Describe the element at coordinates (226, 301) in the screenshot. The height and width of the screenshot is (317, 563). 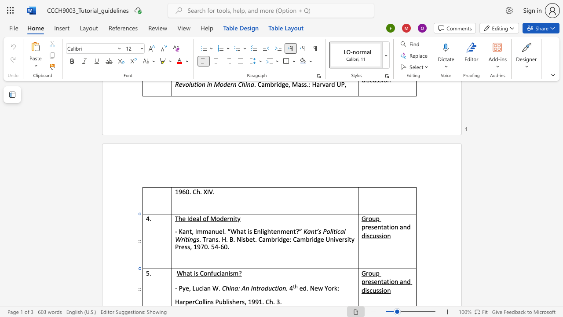
I see `the space between the continuous character "b" and "l" in the text` at that location.